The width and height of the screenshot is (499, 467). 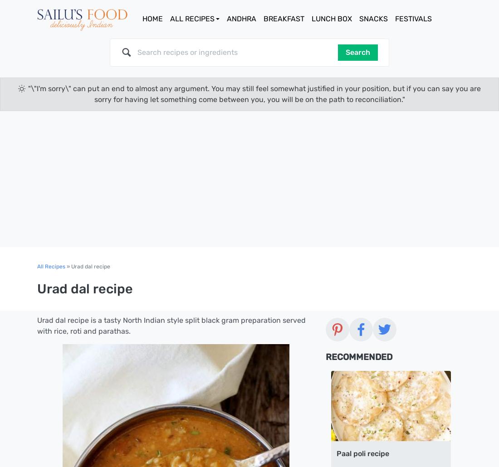 I want to click on 'Lunch Box', so click(x=331, y=19).